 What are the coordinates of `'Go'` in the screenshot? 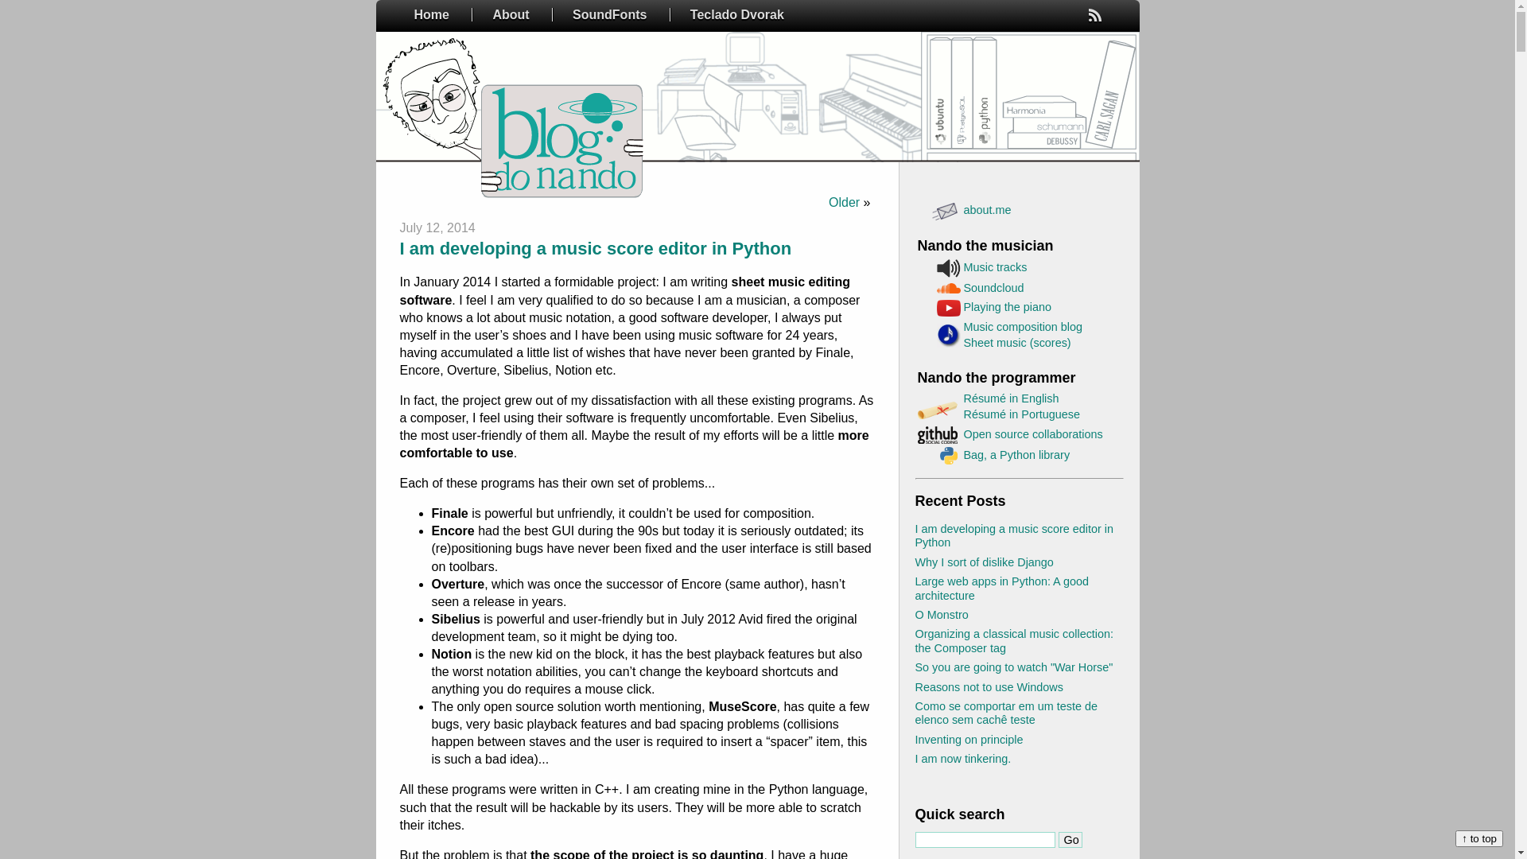 It's located at (1069, 839).